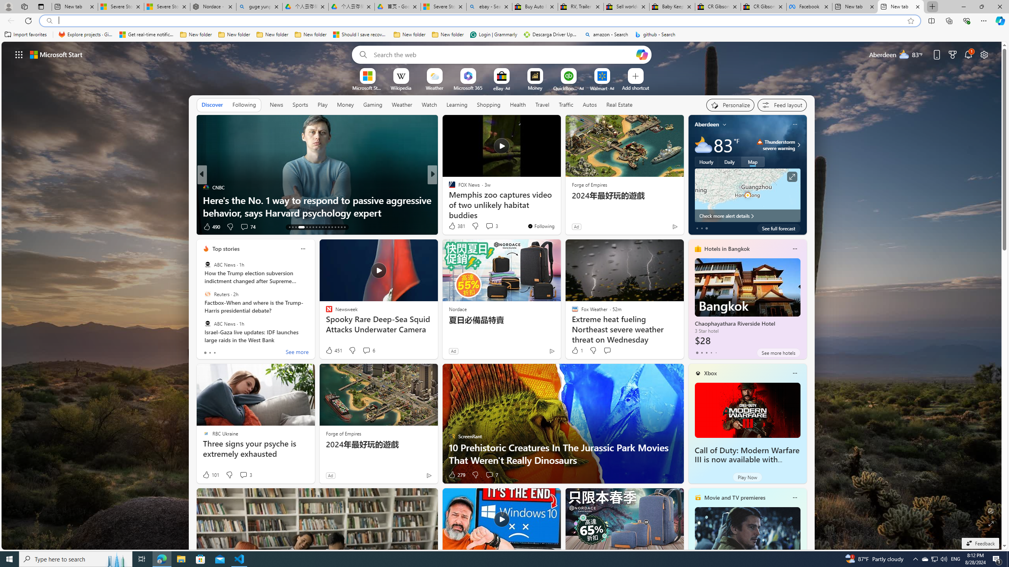 The height and width of the screenshot is (567, 1009). What do you see at coordinates (991, 524) in the screenshot?
I see `'Expand background'` at bounding box center [991, 524].